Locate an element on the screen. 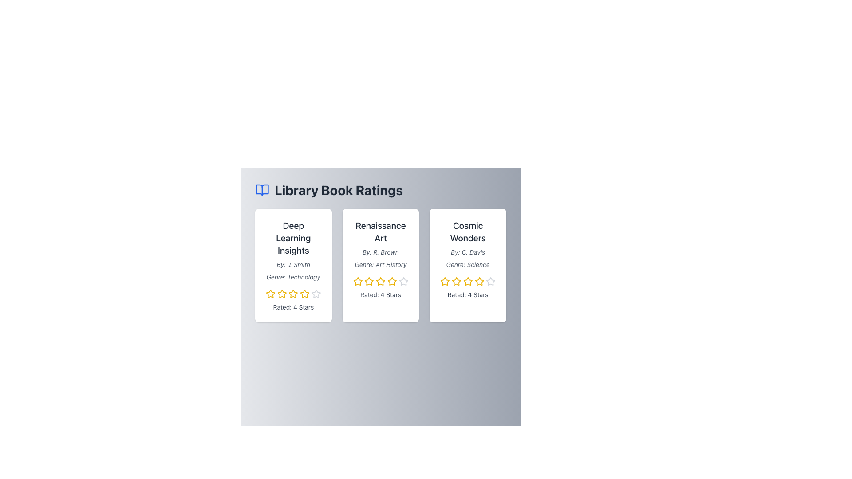  the text label identifying the genre of the book, located below the title 'Renaissance Art' and the author 'By: R. Brown', and above the star rating display is located at coordinates (381, 264).